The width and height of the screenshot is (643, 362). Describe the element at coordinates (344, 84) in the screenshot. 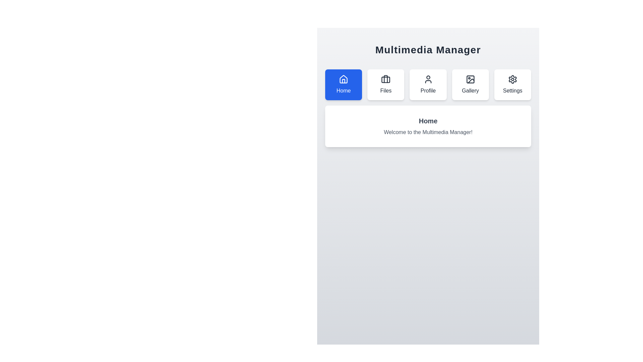

I see `the 'Home' button, which is a blue rectangular button with rounded corners and white text, located in the top left of the interface among other buttons` at that location.